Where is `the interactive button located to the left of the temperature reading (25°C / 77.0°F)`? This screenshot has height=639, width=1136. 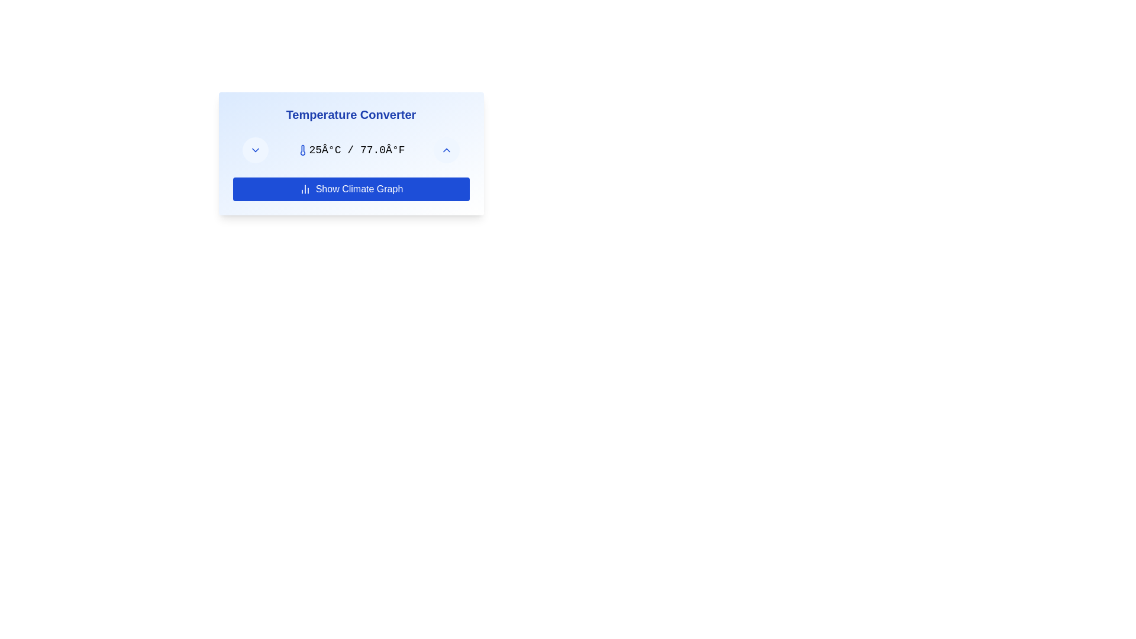
the interactive button located to the left of the temperature reading (25°C / 77.0°F) is located at coordinates (254, 150).